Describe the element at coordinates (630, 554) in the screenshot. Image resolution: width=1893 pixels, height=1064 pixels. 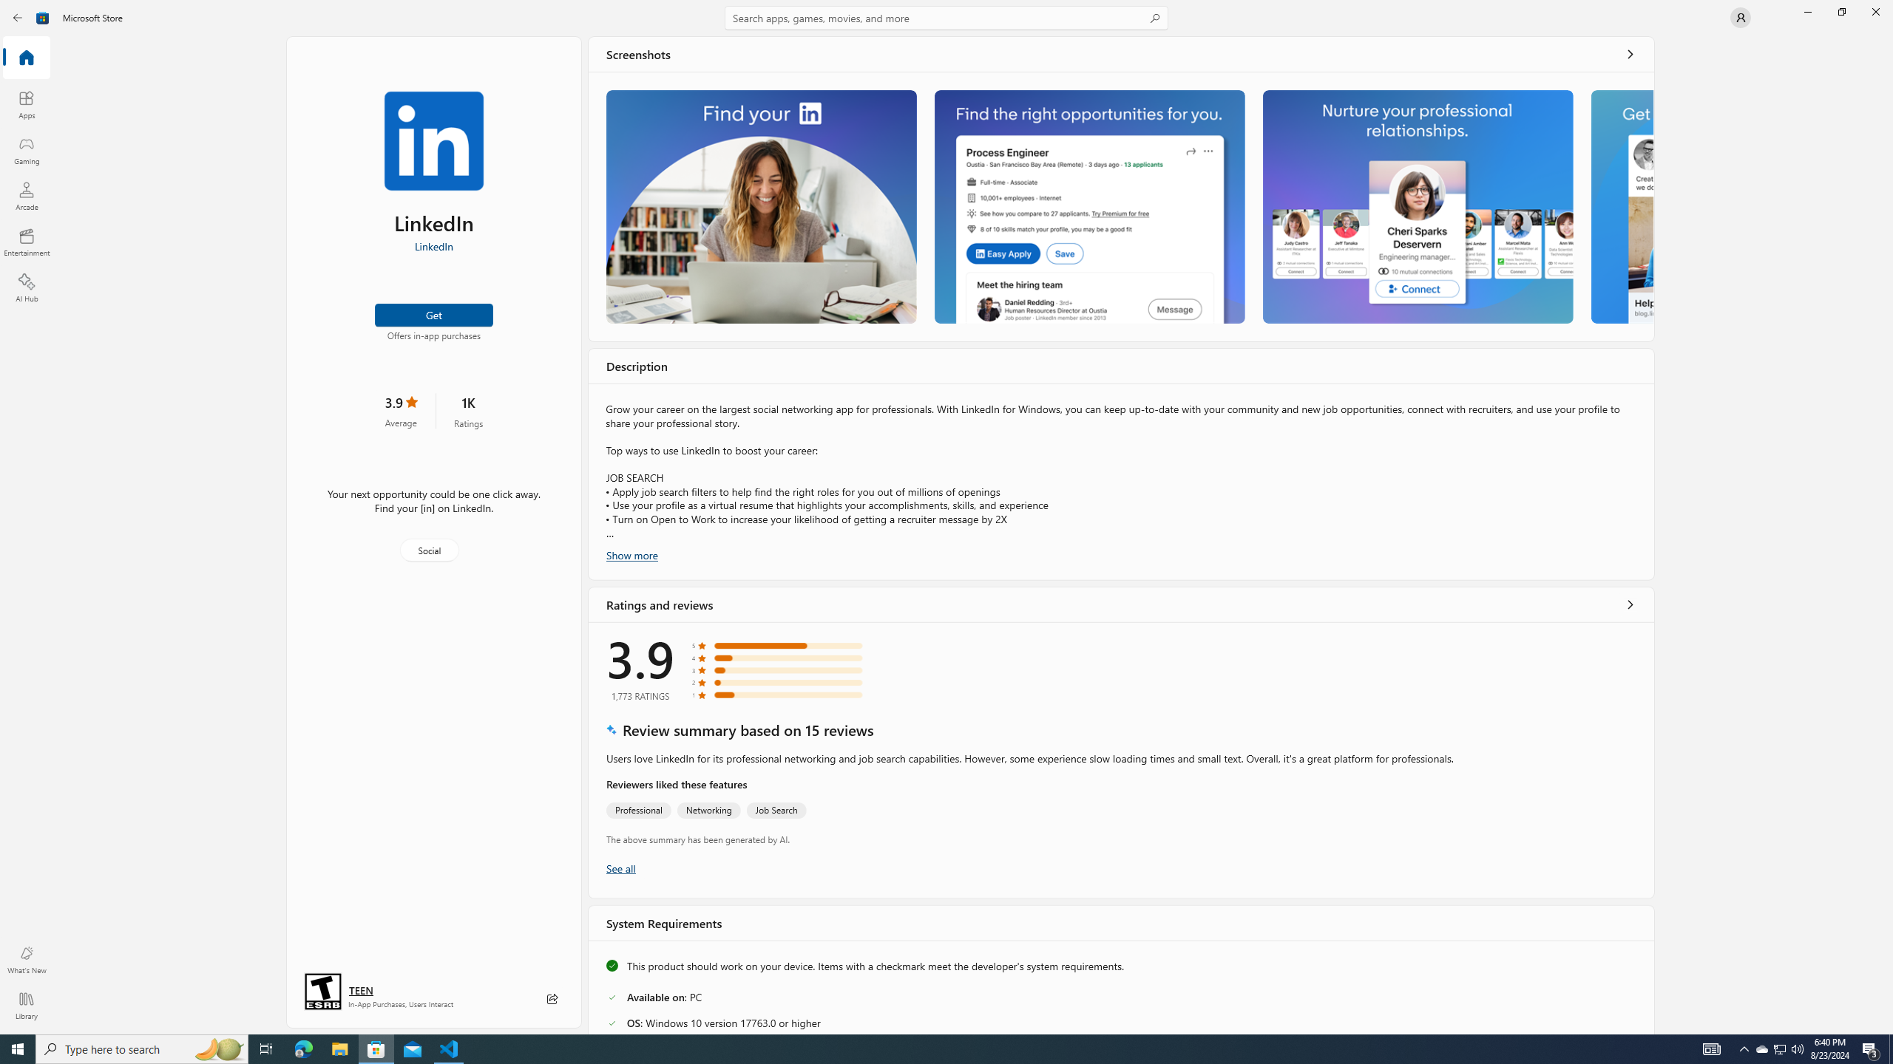
I see `'Show more'` at that location.